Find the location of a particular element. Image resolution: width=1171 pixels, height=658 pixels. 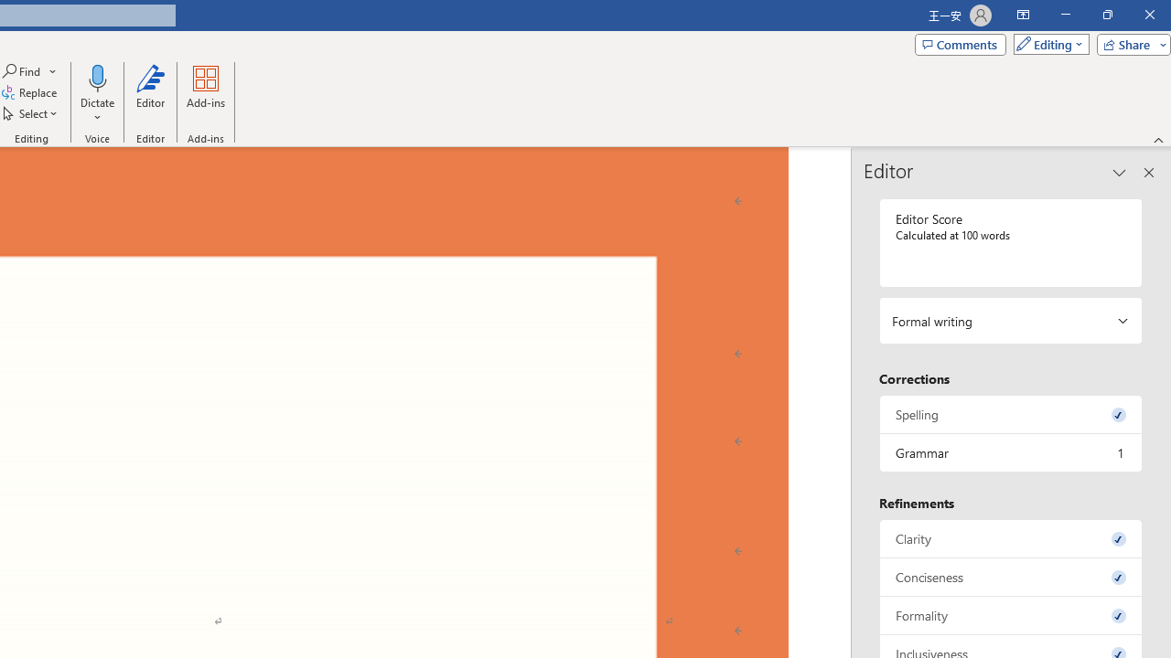

'Conciseness, 0 issues. Press space or enter to review items.' is located at coordinates (1010, 577).